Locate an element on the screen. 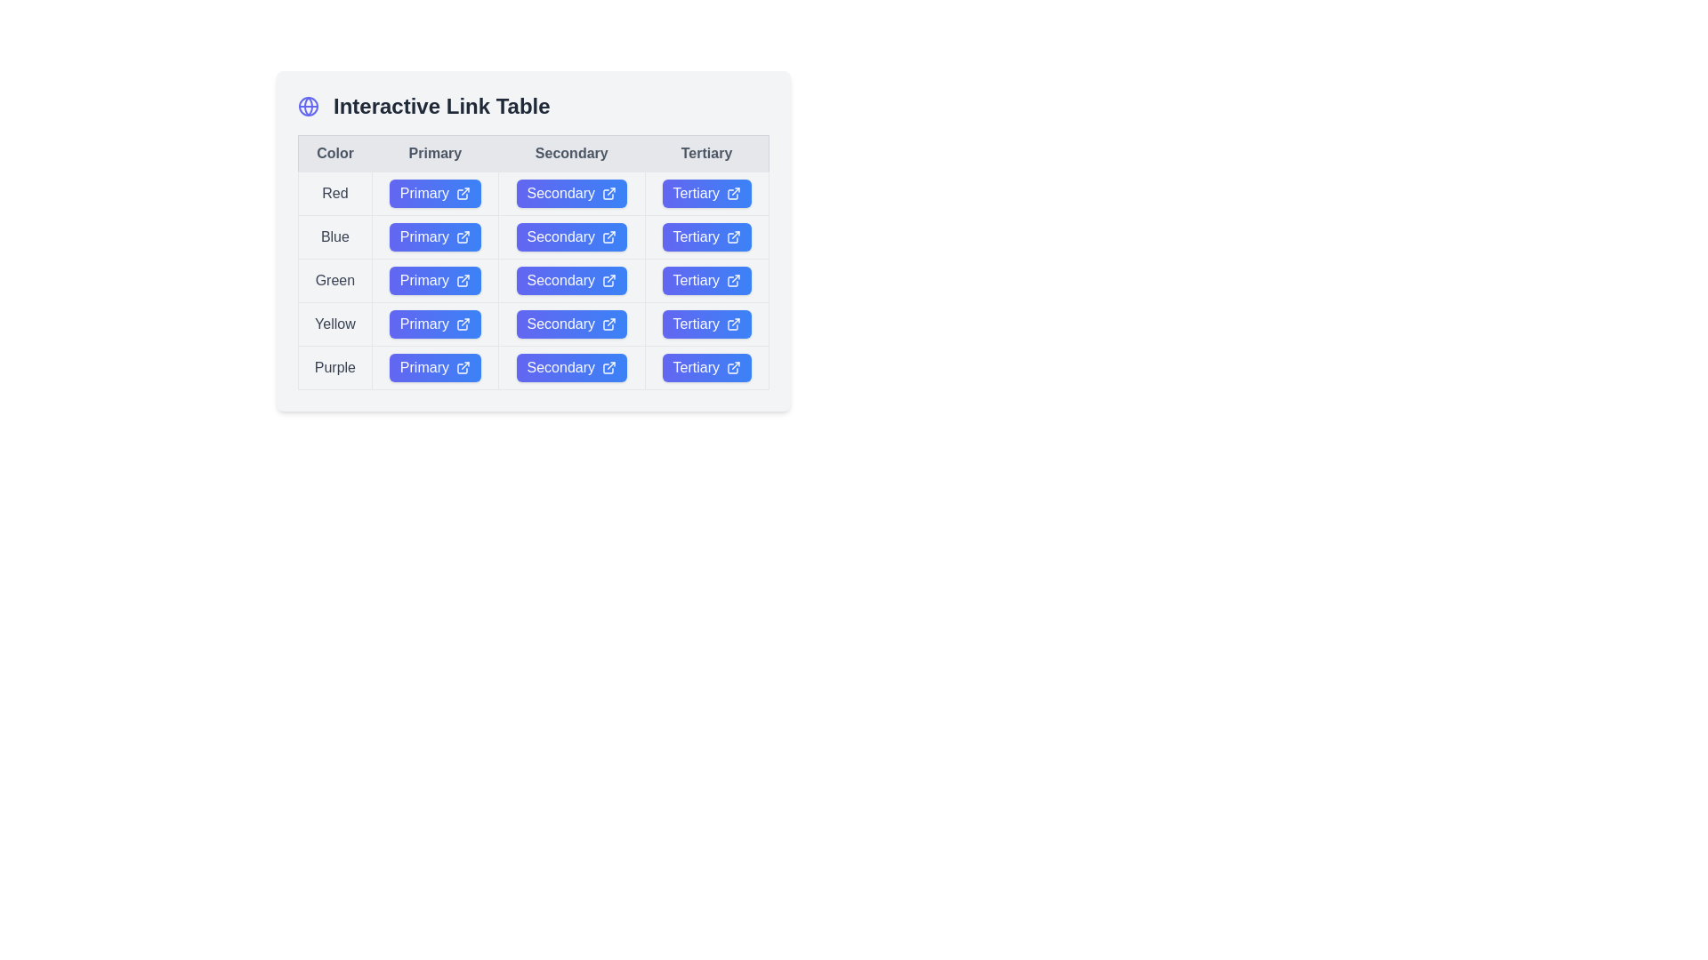 This screenshot has width=1708, height=960. the external link icon located adjacent to the text 'Secondary' in the button with a blue gradient background in the 'Yellow' row of the interactive link table is located at coordinates (609, 324).